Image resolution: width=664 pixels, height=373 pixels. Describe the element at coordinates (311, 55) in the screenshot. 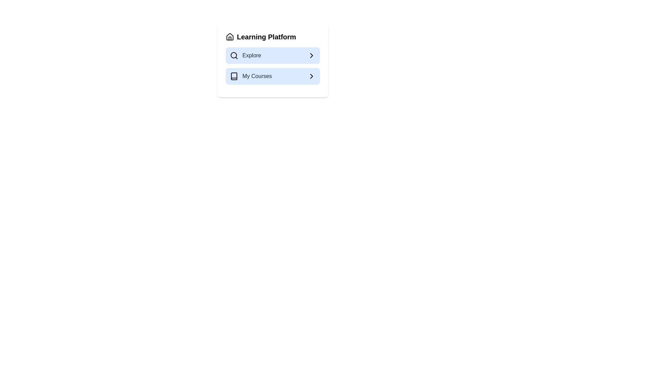

I see `rightward indicator icon within the 'Explore' menu of the 'Learning Platform' interface to check its visual state` at that location.